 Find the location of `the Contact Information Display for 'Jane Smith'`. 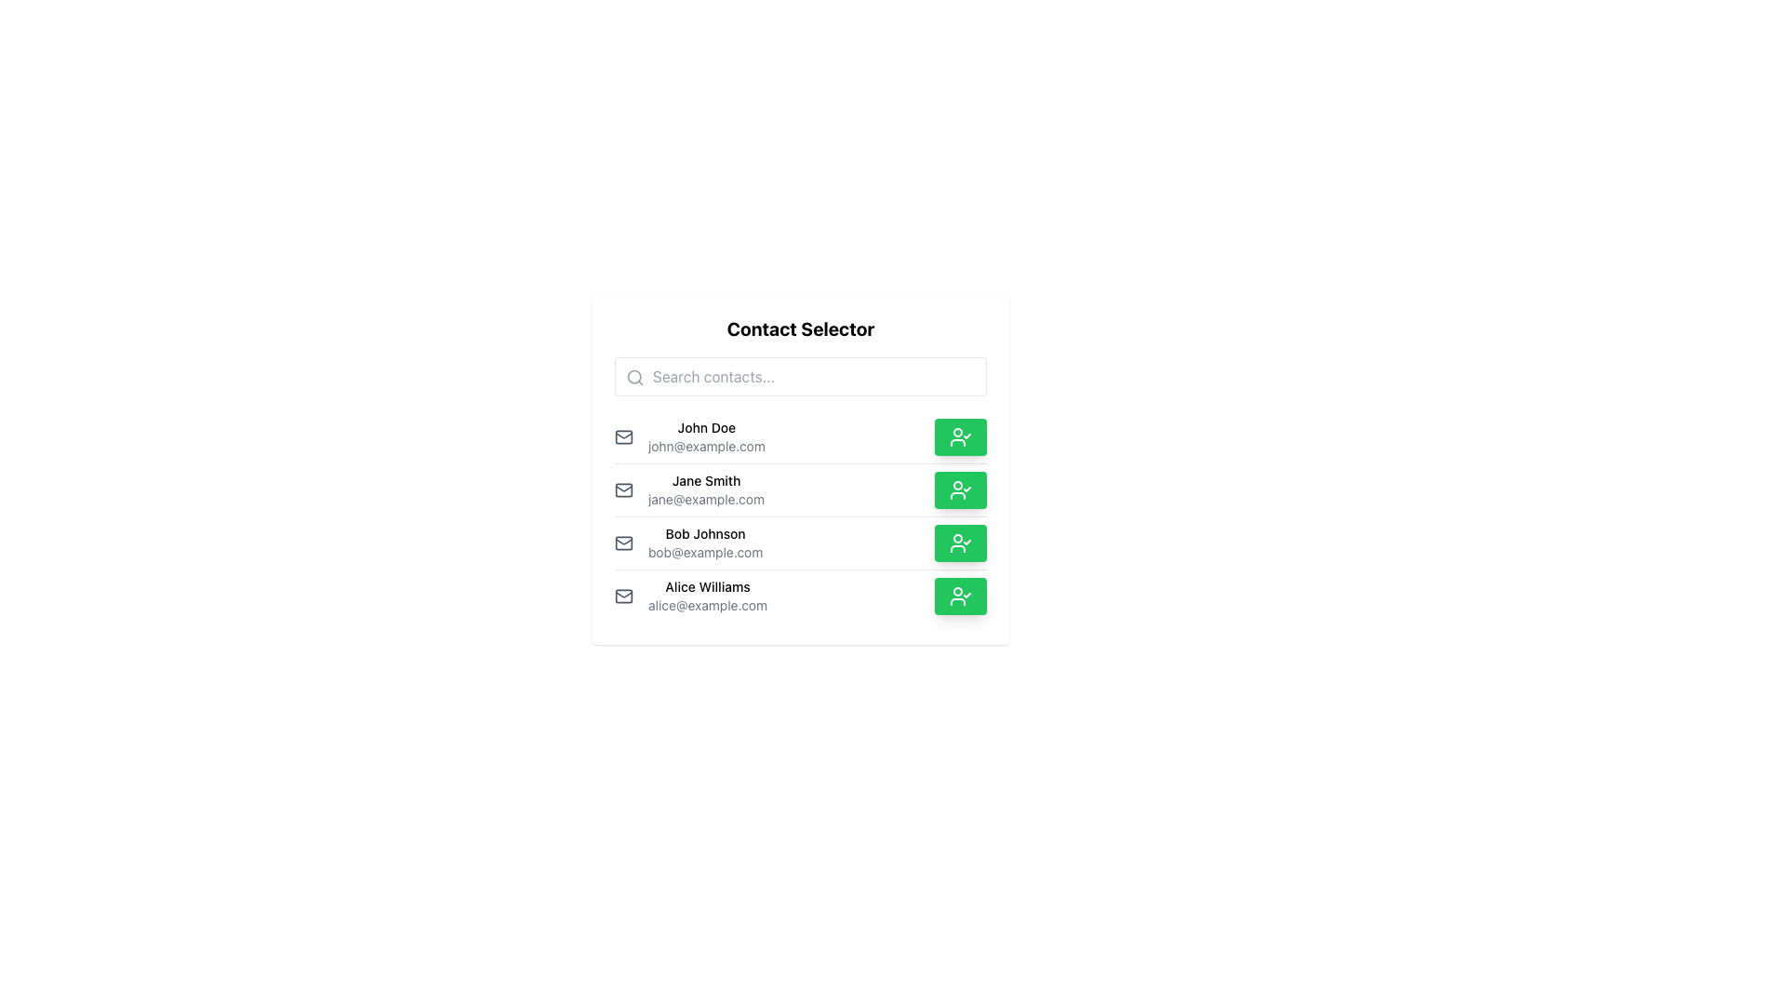

the Contact Information Display for 'Jane Smith' is located at coordinates (688, 489).